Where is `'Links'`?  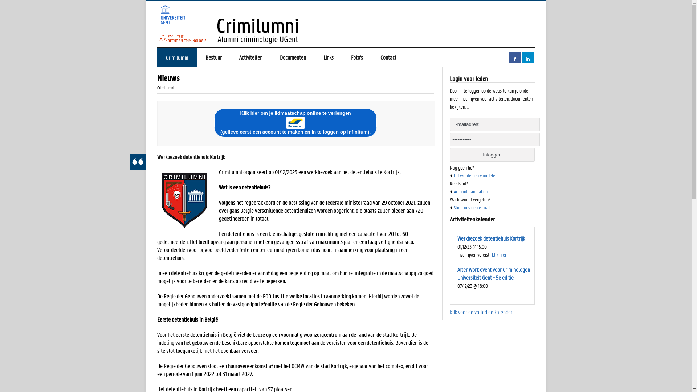
'Links' is located at coordinates (327, 57).